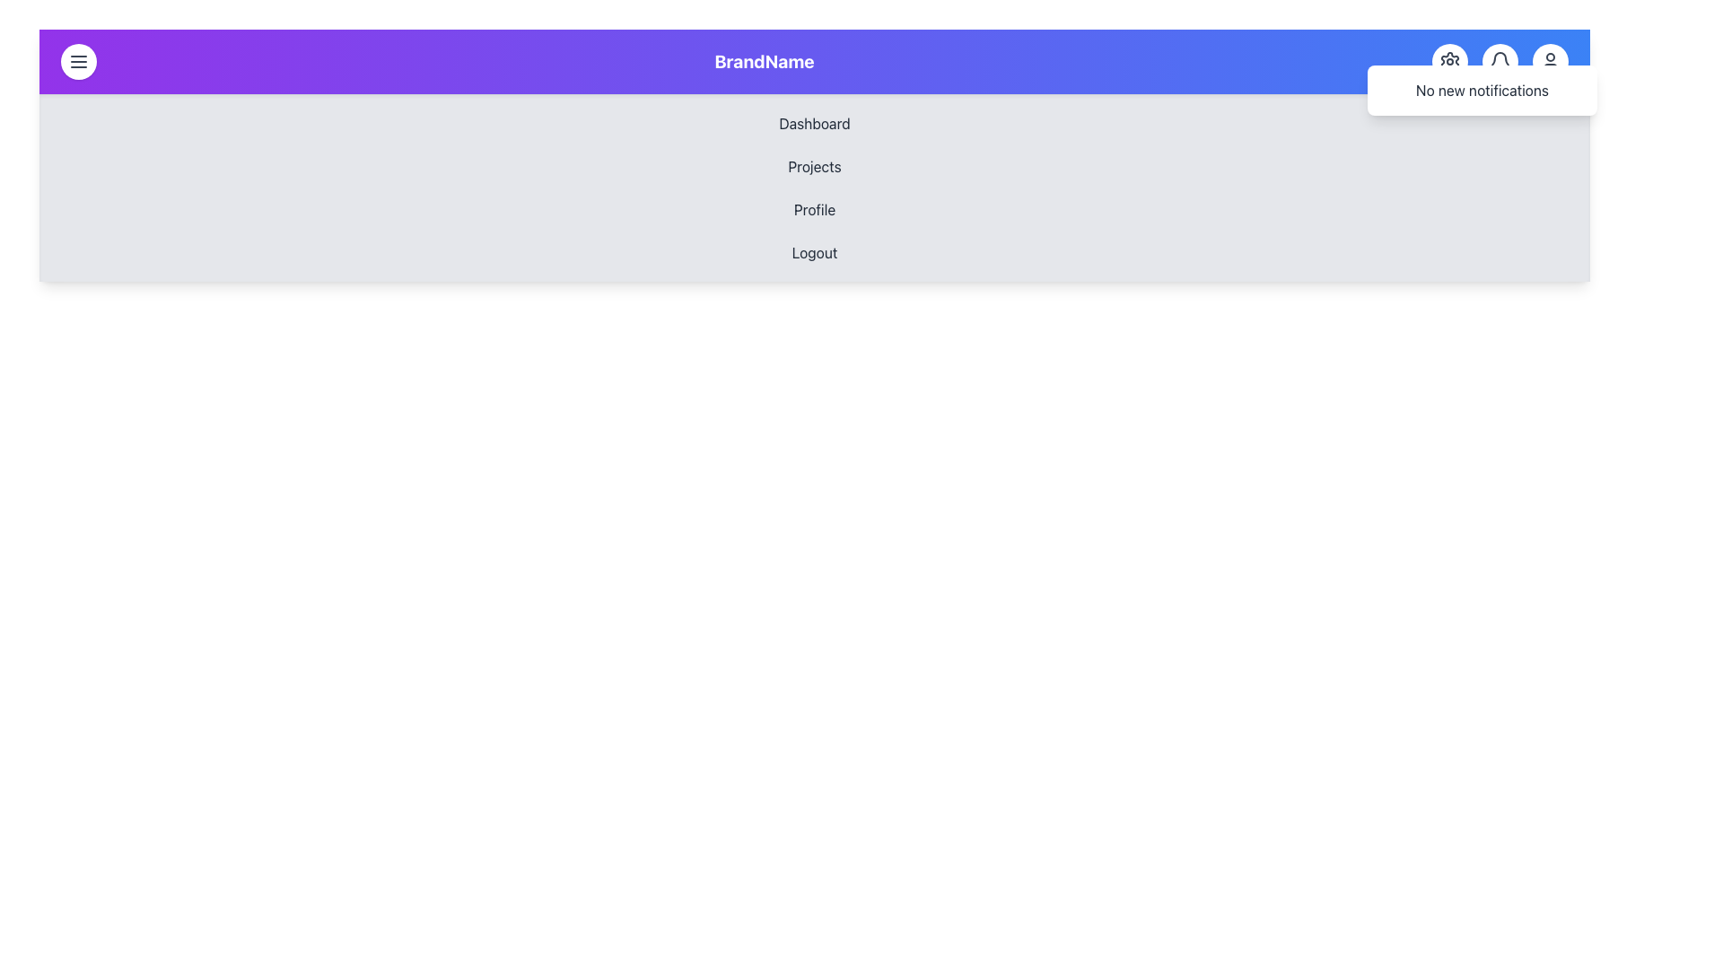  I want to click on the 'Logout' button, which is the fourth item in a vertical list of options with a gray background and rounded corners, so click(813, 252).